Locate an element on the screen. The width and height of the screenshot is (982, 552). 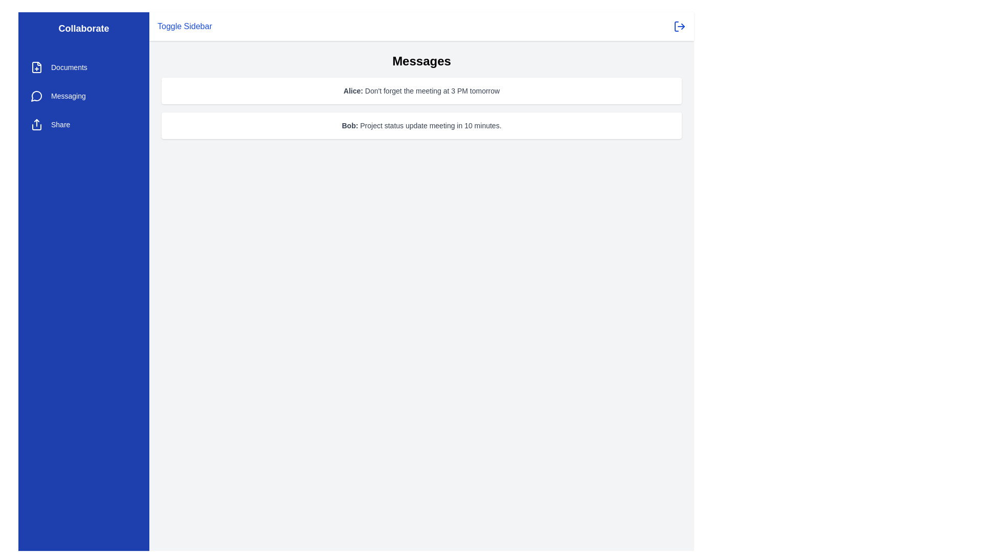
the blue rectangular button labeled 'Documents' with a document icon is located at coordinates (83, 67).